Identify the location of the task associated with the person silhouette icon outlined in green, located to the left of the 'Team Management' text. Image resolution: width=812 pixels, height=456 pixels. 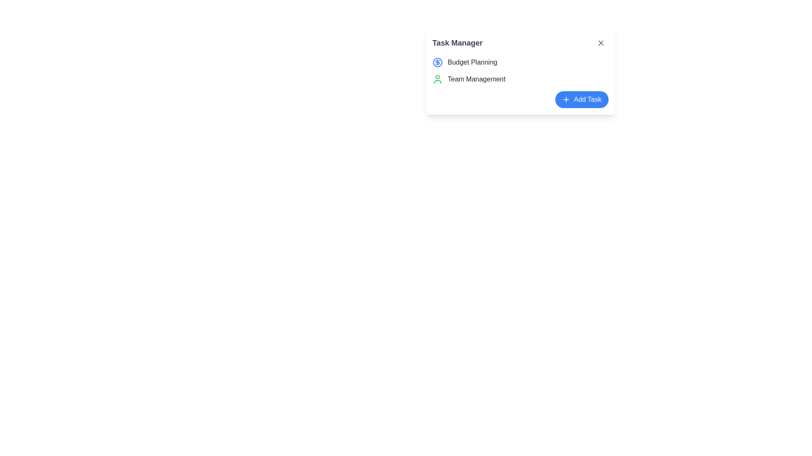
(437, 79).